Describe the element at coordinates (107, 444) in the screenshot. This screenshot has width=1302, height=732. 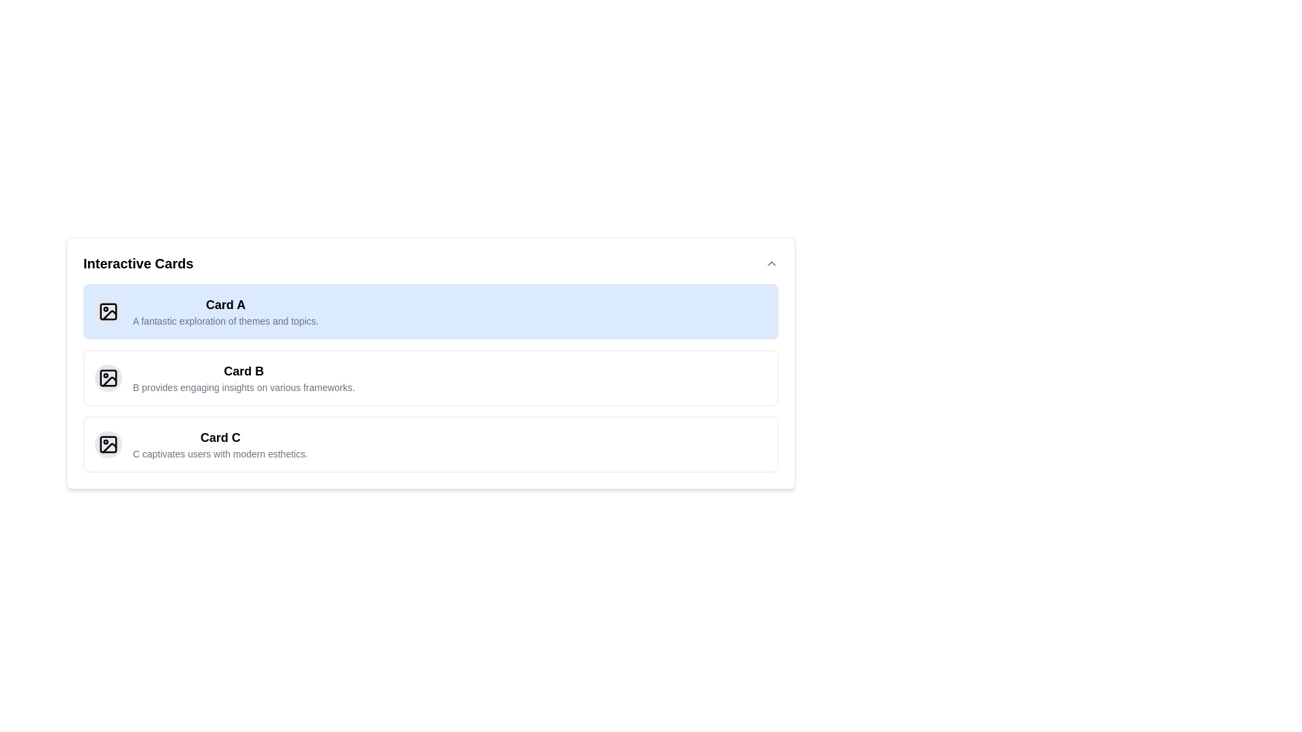
I see `the graphical icon located in the third card titled 'Card C', which is beneath the text 'C captivates users with modern esthetics.'` at that location.